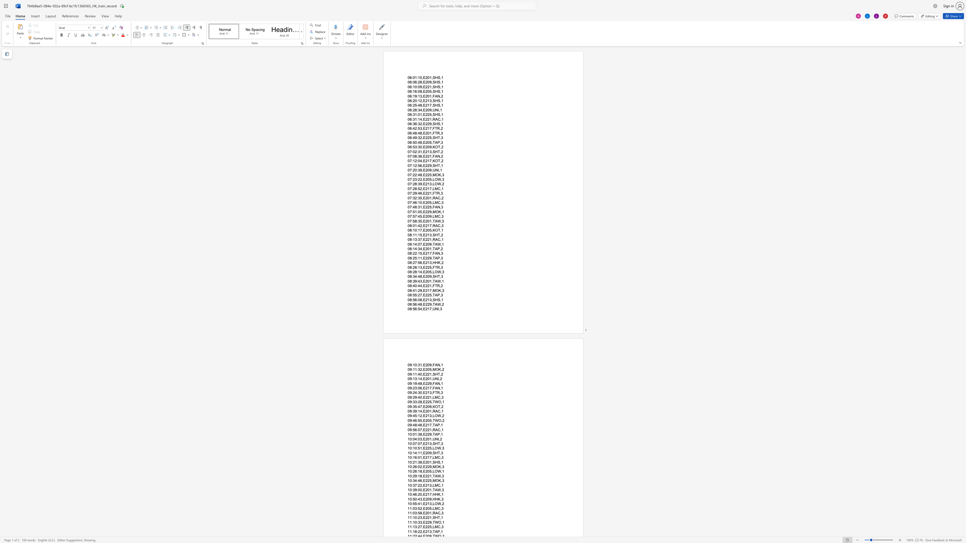  What do you see at coordinates (423, 142) in the screenshot?
I see `the subset text "E205,TA" within the text "06:50:48,E205,TAP,3"` at bounding box center [423, 142].